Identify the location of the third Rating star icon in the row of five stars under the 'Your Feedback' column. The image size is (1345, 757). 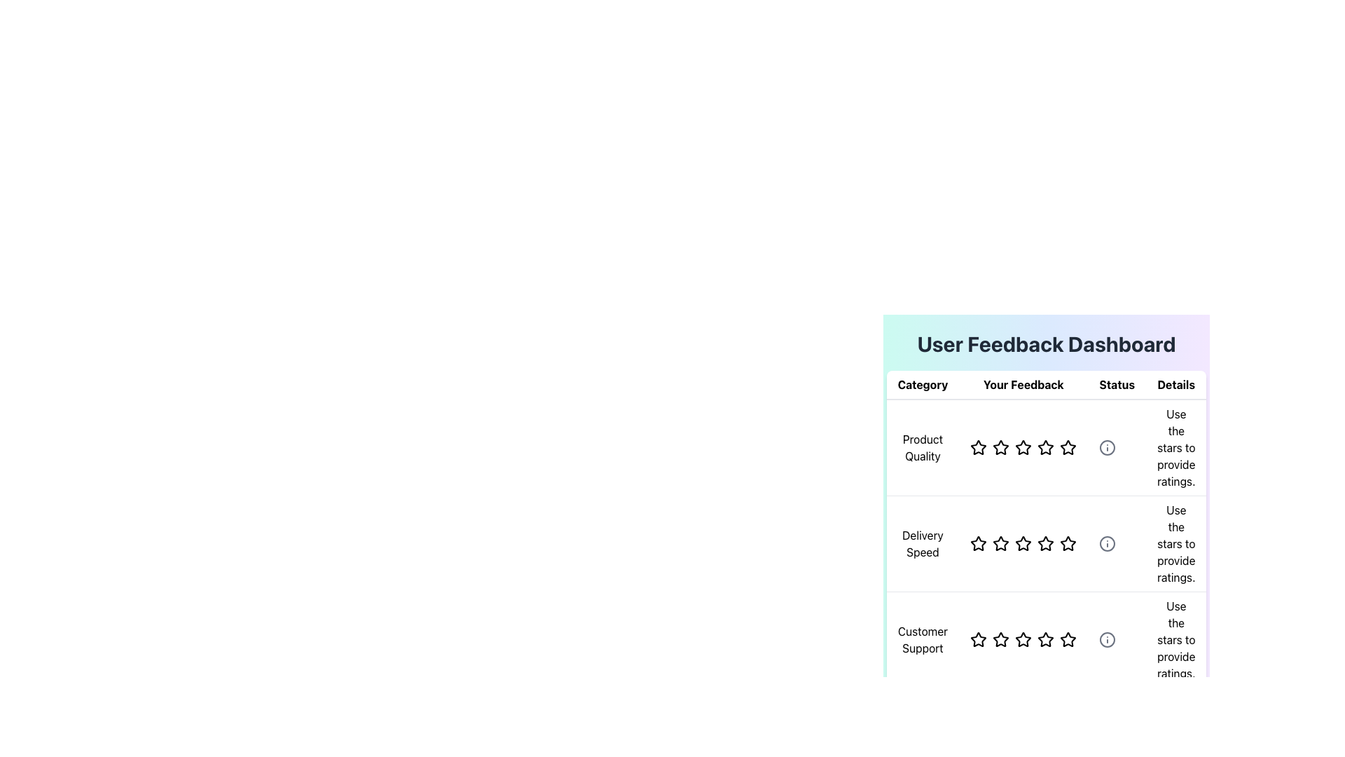
(1046, 447).